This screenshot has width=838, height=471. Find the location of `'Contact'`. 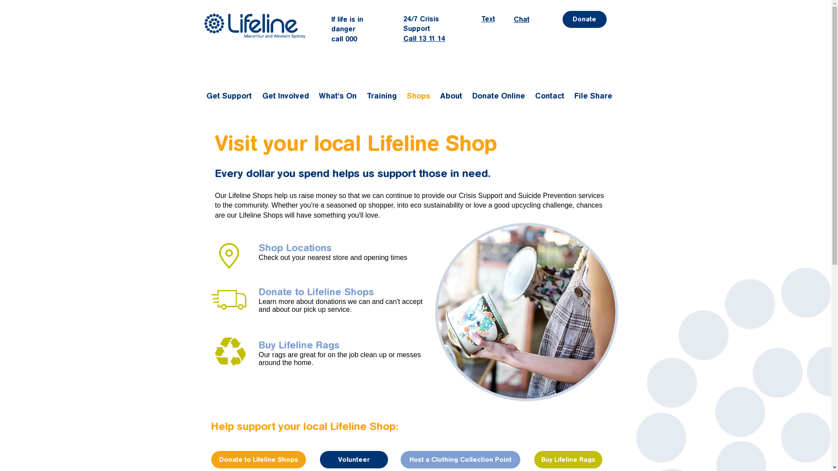

'Contact' is located at coordinates (550, 96).